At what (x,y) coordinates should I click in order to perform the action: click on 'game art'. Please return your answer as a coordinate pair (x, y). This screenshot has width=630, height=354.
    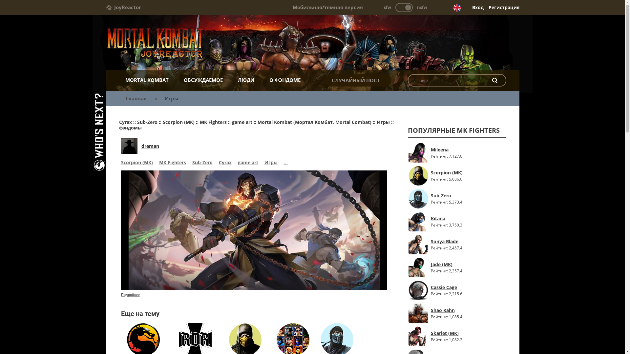
    Looking at the image, I should click on (247, 163).